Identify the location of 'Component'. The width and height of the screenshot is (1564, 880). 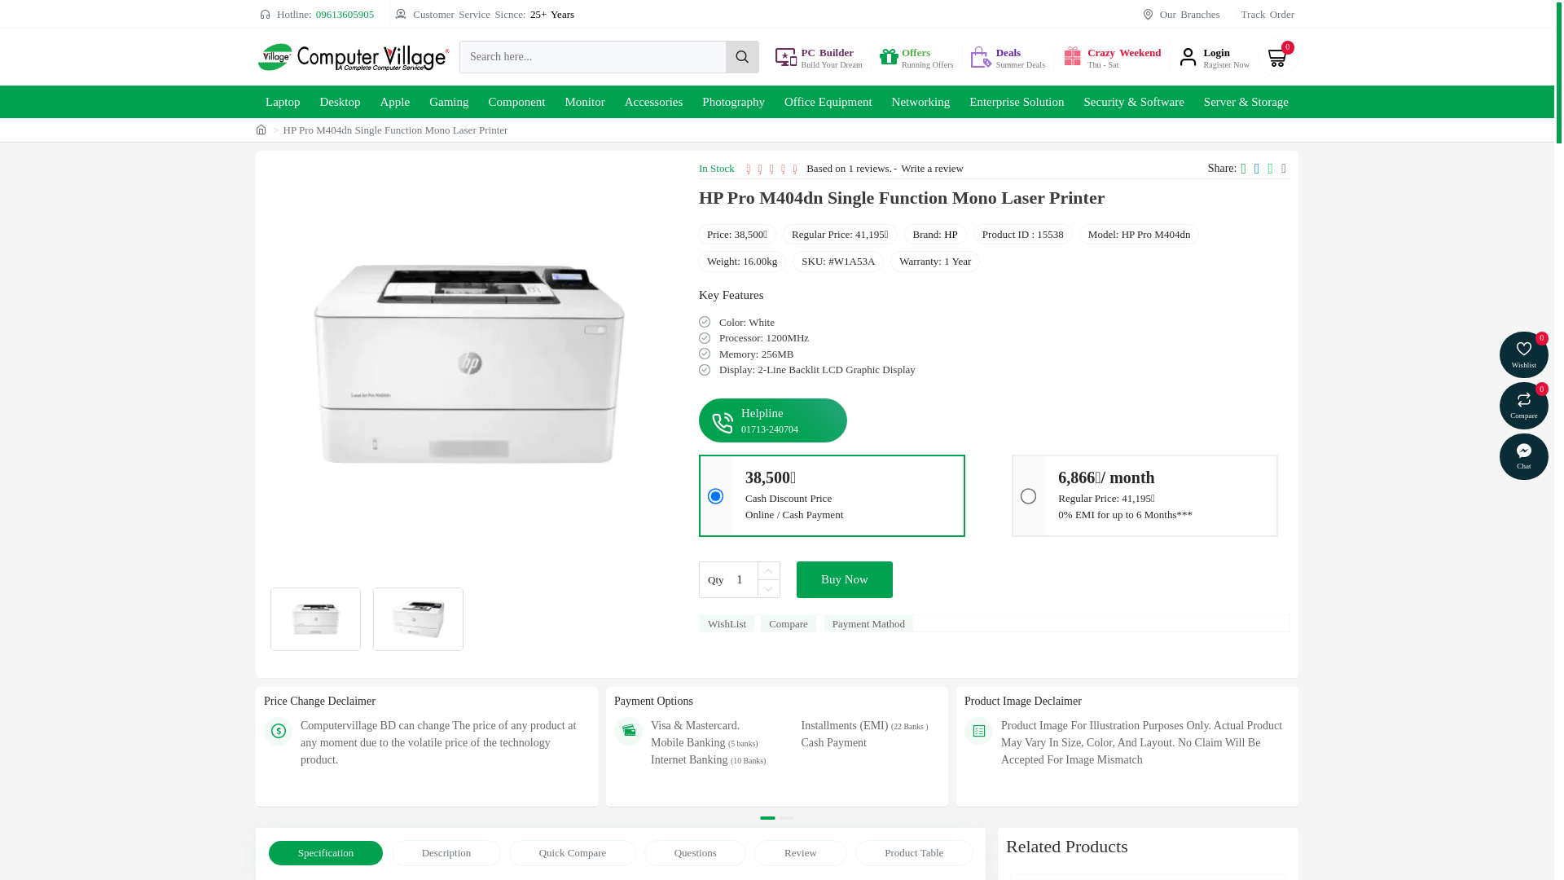
(516, 101).